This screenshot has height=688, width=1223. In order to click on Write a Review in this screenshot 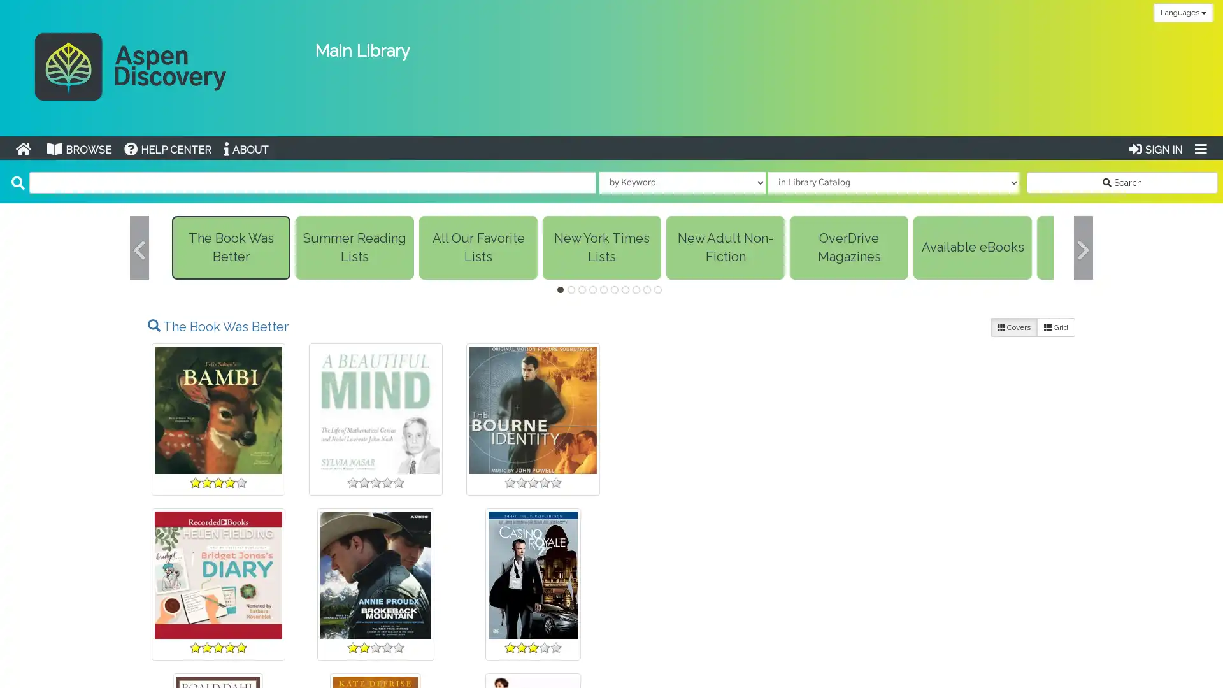, I will do `click(689, 484)`.